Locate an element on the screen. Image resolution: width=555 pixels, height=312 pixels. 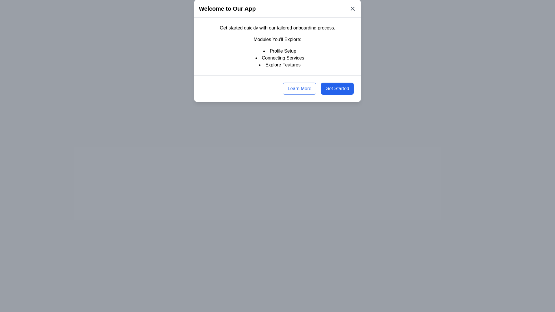
the close icon button resembling an 'X' at the top right corner of the modal dialog box is located at coordinates (352, 9).